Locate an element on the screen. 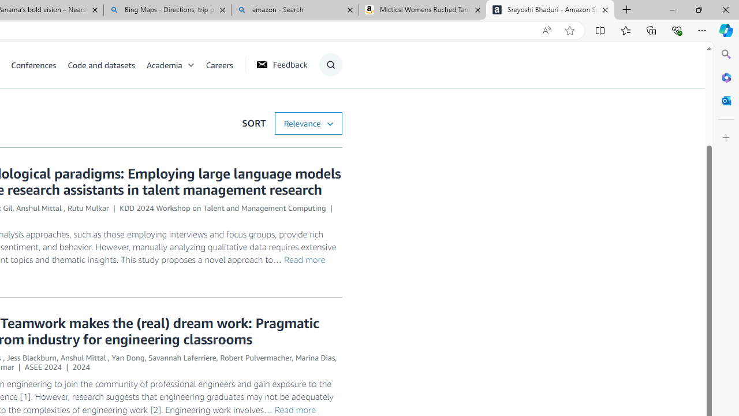 This screenshot has width=739, height=416. 'amazon - Search' is located at coordinates (294, 10).